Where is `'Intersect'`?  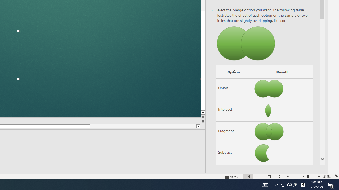
'Intersect' is located at coordinates (233, 110).